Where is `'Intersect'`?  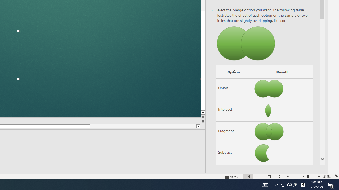
'Intersect' is located at coordinates (233, 110).